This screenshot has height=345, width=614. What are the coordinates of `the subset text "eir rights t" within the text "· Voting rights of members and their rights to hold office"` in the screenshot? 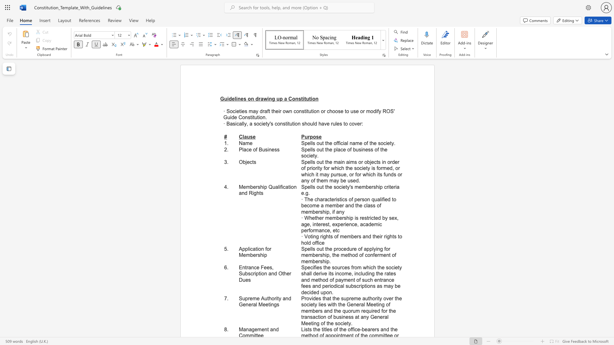 It's located at (377, 236).